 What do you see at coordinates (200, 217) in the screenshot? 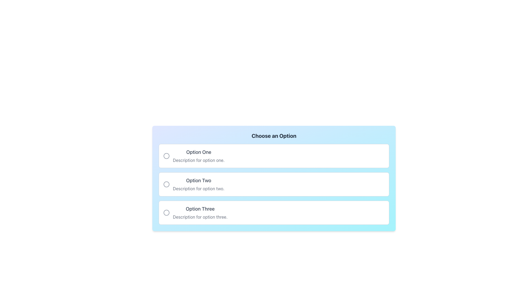
I see `the static text providing supplementary information for 'Option Three', which is aligned to the left and located underneath the title` at bounding box center [200, 217].